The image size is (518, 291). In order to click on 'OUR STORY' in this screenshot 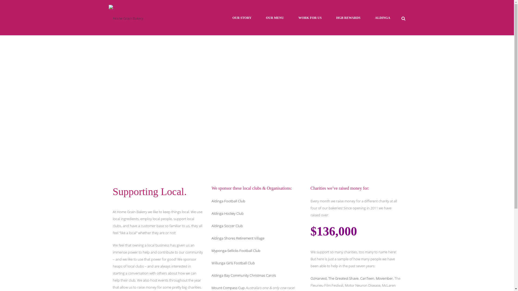, I will do `click(241, 17)`.